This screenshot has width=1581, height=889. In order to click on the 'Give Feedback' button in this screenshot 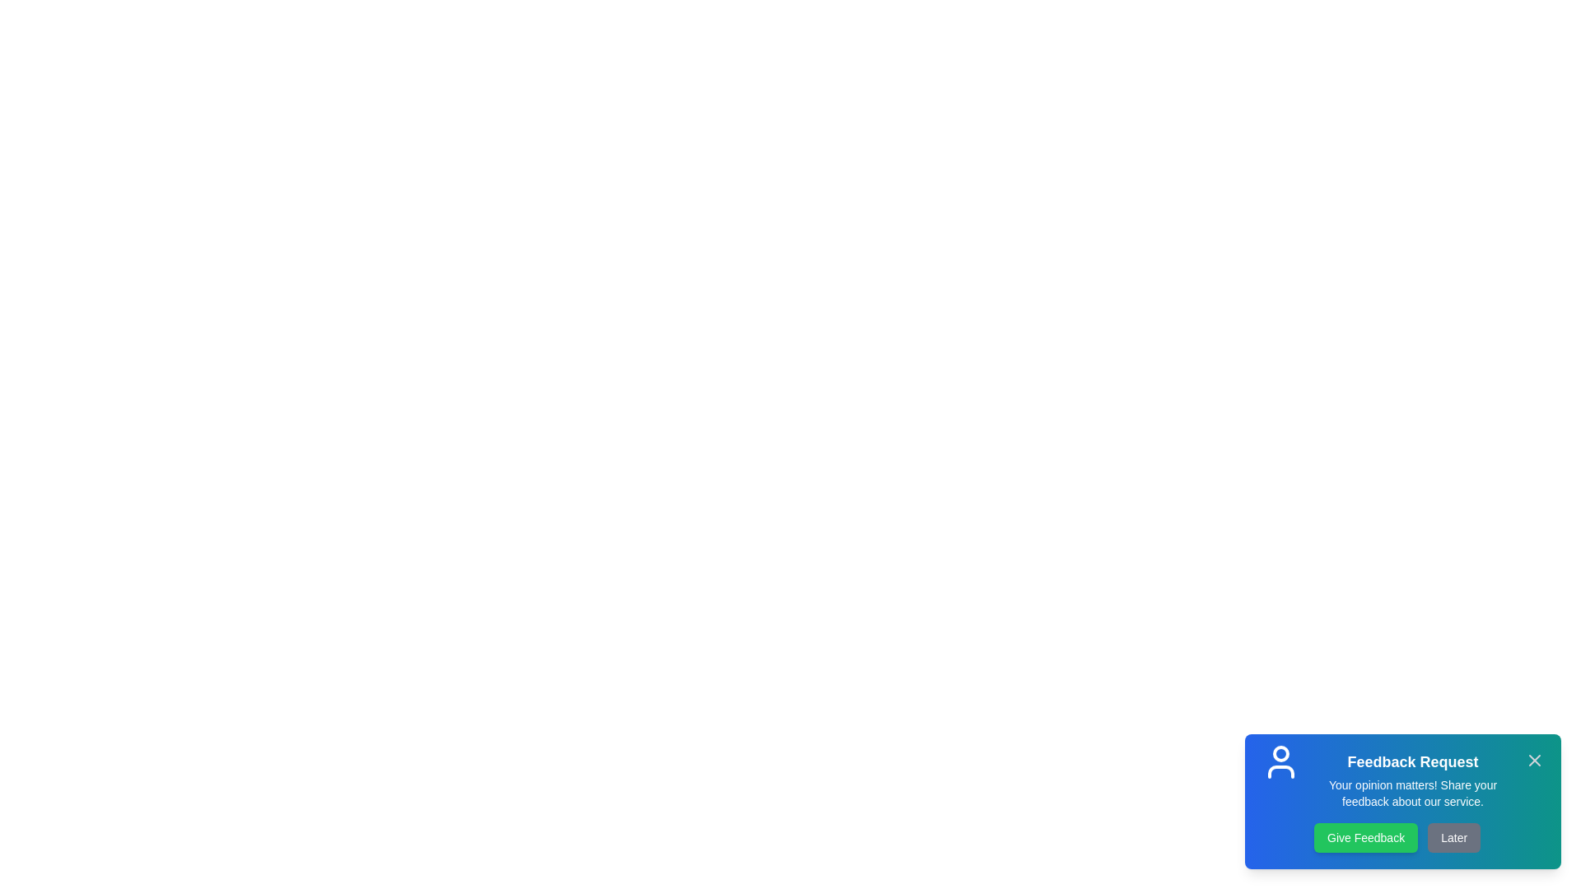, I will do `click(1366, 838)`.